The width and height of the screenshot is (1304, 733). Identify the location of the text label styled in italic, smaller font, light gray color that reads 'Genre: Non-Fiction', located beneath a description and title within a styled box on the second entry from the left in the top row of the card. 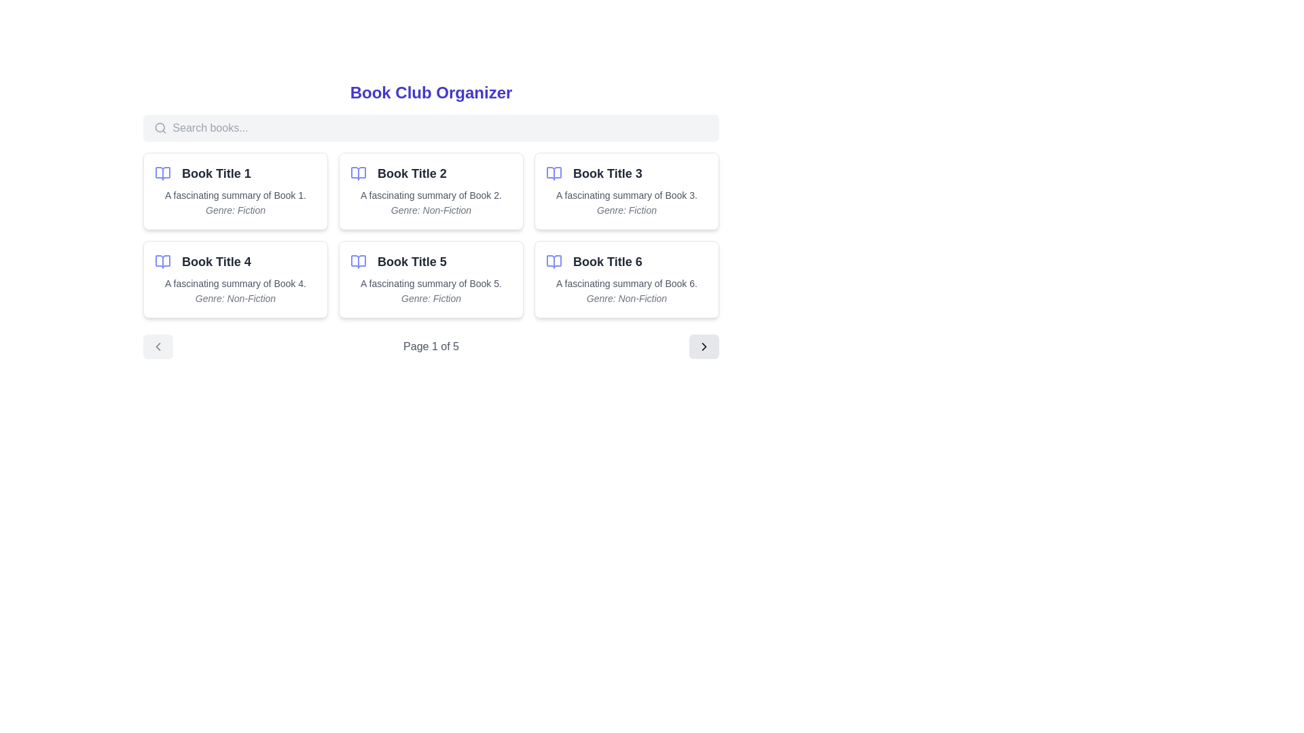
(430, 210).